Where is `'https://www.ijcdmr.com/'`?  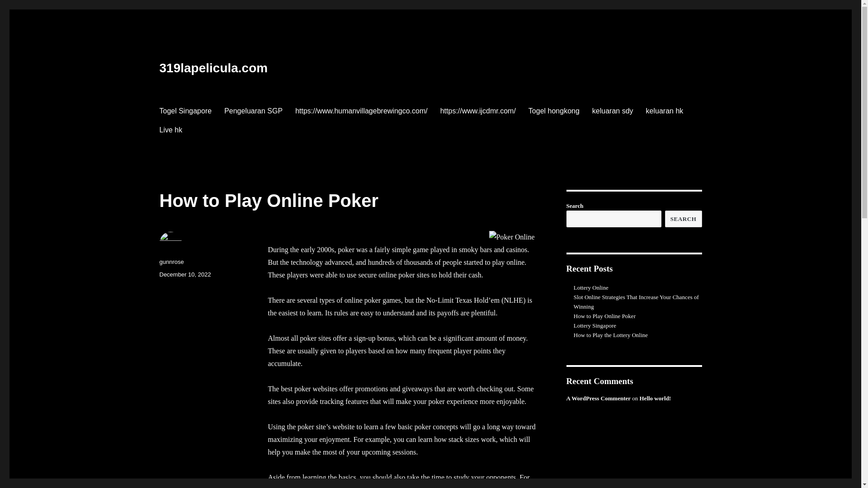
'https://www.ijcdmr.com/' is located at coordinates (477, 110).